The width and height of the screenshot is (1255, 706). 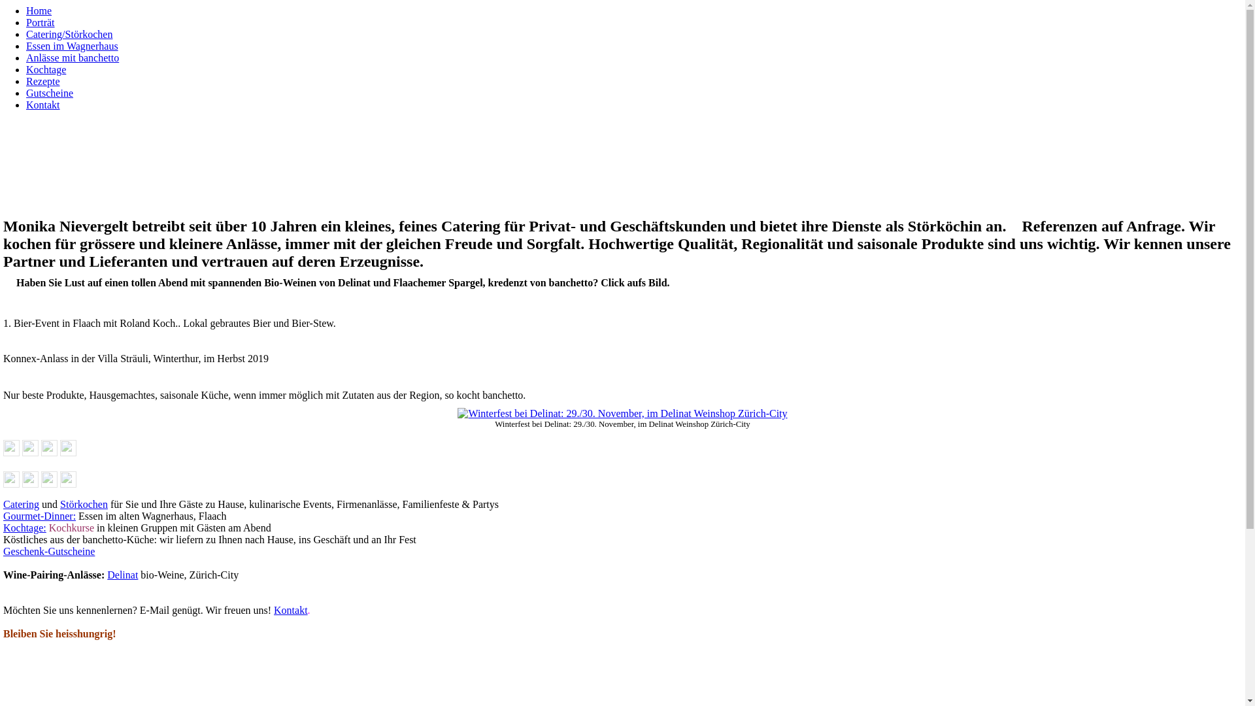 What do you see at coordinates (43, 81) in the screenshot?
I see `'Rezepte'` at bounding box center [43, 81].